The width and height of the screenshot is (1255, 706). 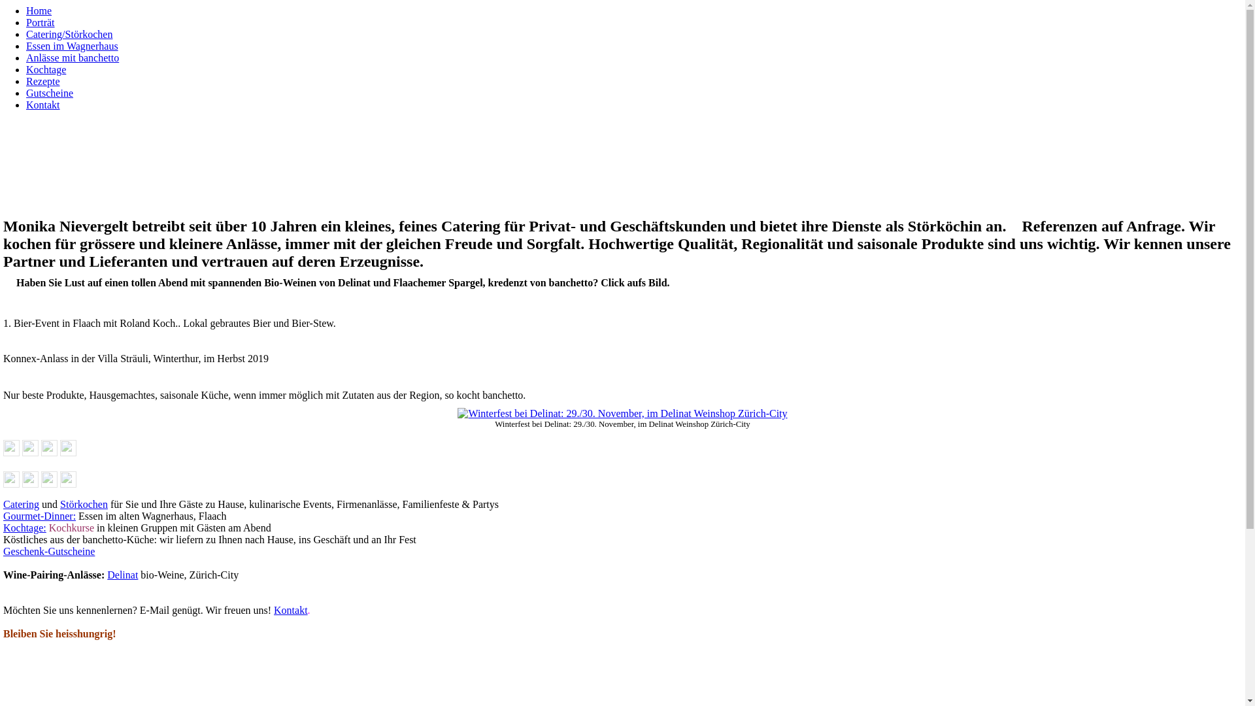 What do you see at coordinates (43, 81) in the screenshot?
I see `'Rezepte'` at bounding box center [43, 81].